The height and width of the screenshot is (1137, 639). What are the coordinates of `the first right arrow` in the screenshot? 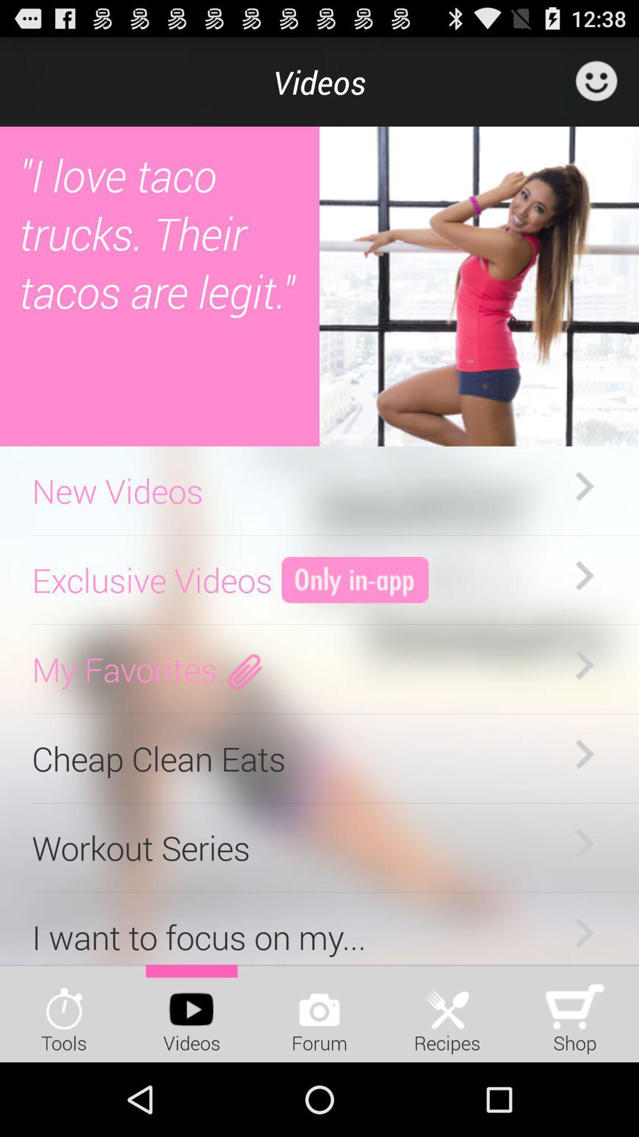 It's located at (583, 488).